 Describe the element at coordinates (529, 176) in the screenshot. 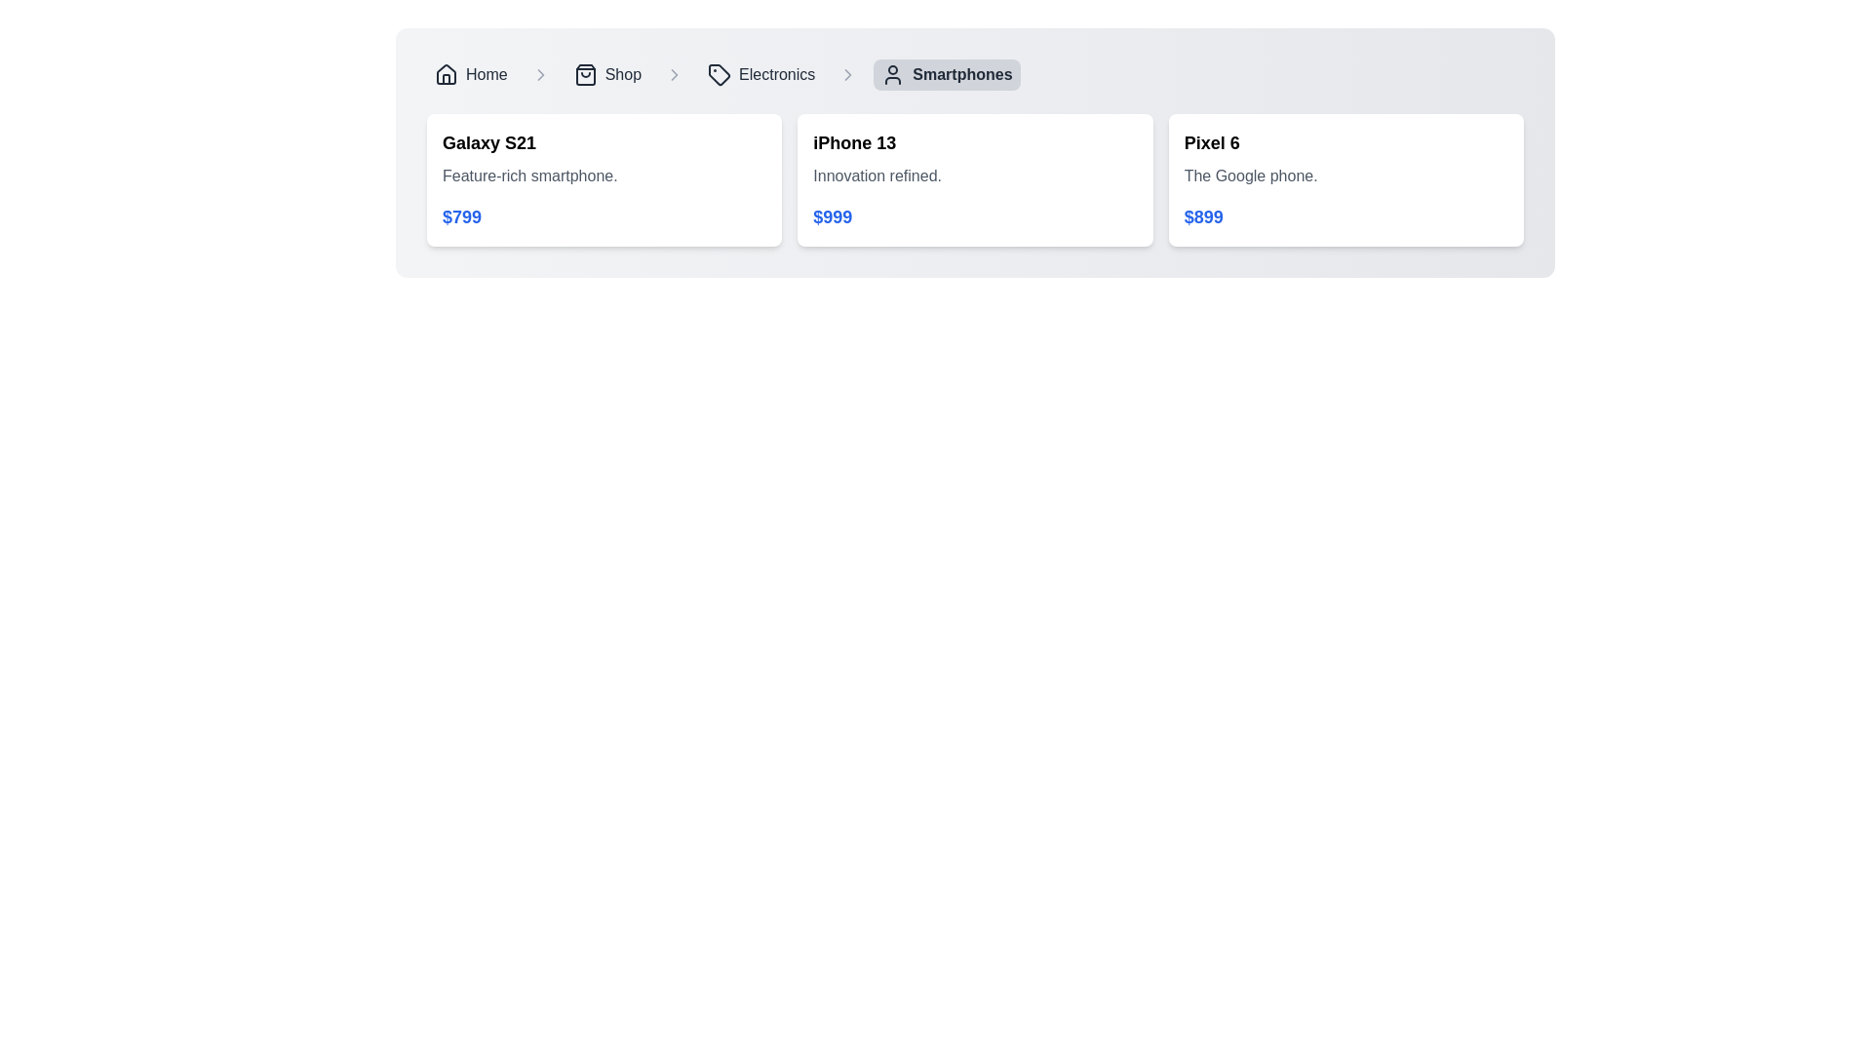

I see `the text label displaying 'Feature-rich smartphone.' which is styled in gray font and located below the title 'Galaxy S21' in the card layout` at that location.